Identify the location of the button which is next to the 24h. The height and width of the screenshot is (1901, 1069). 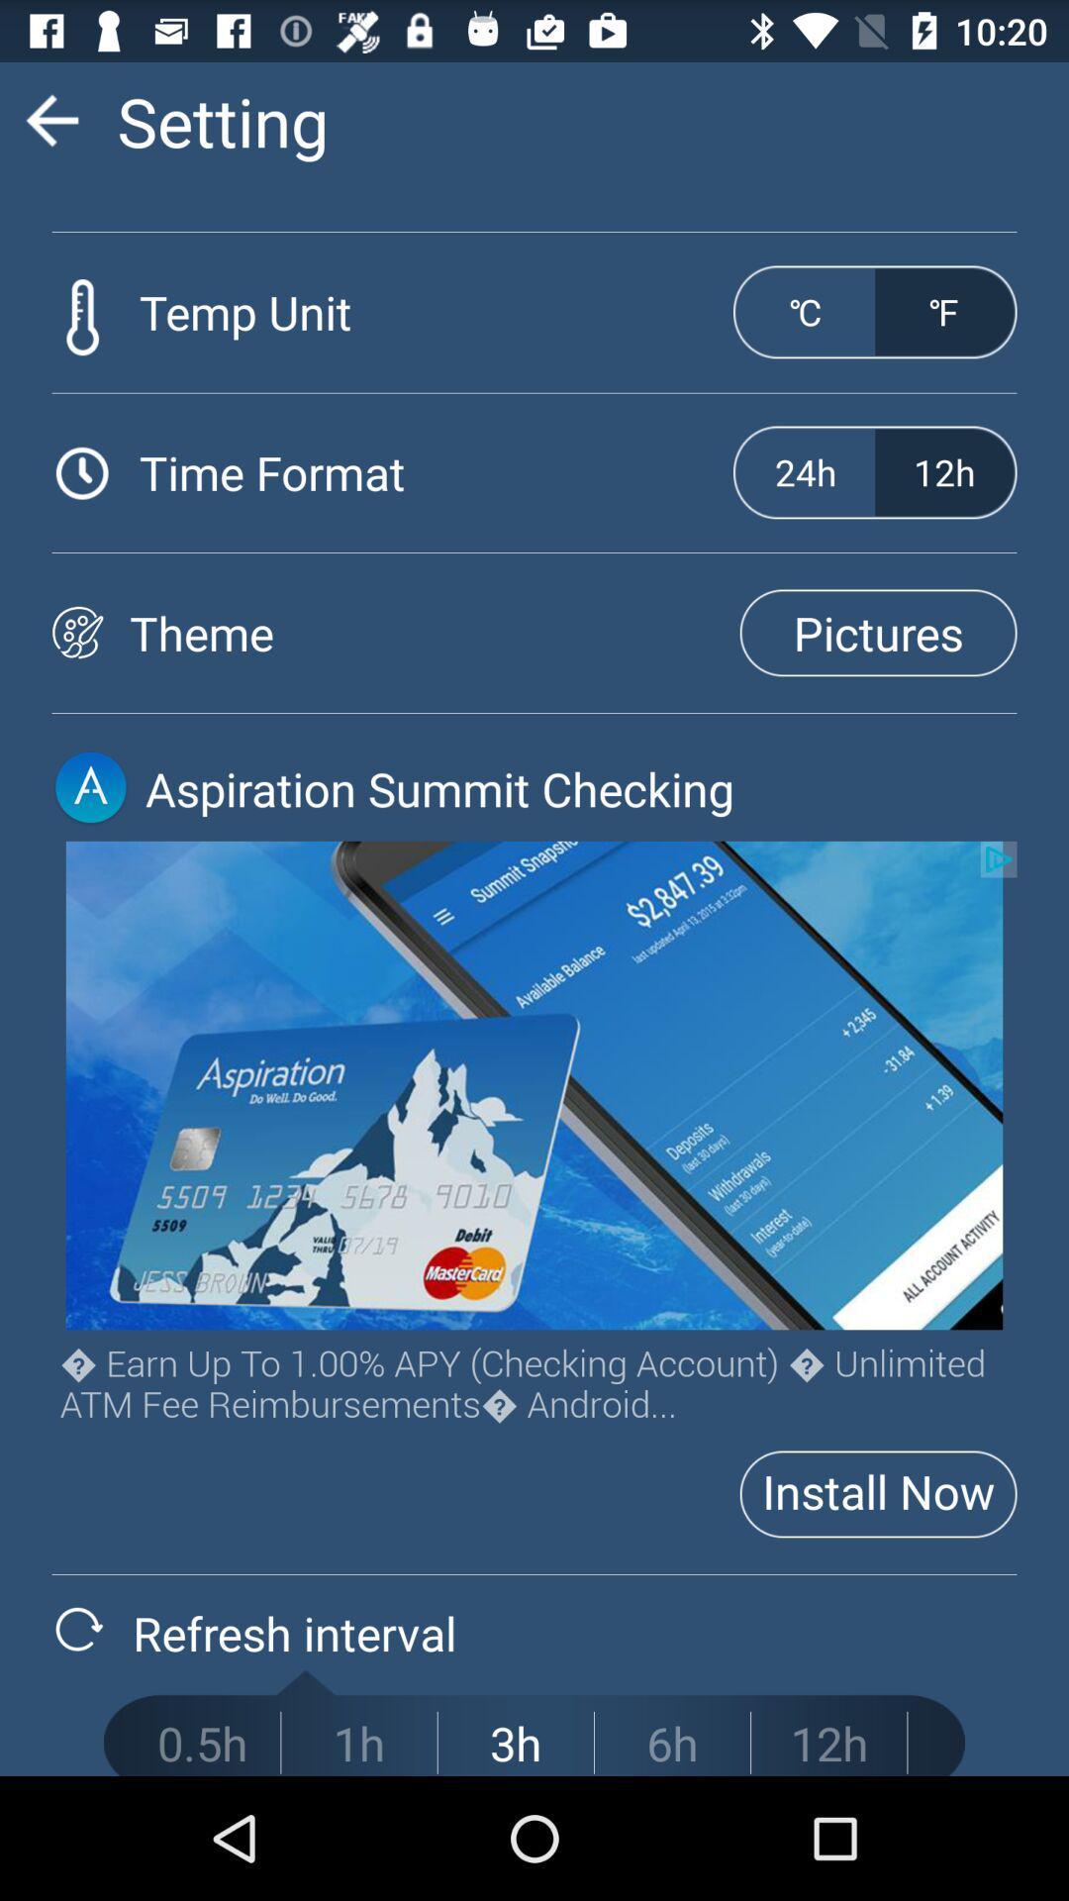
(943, 471).